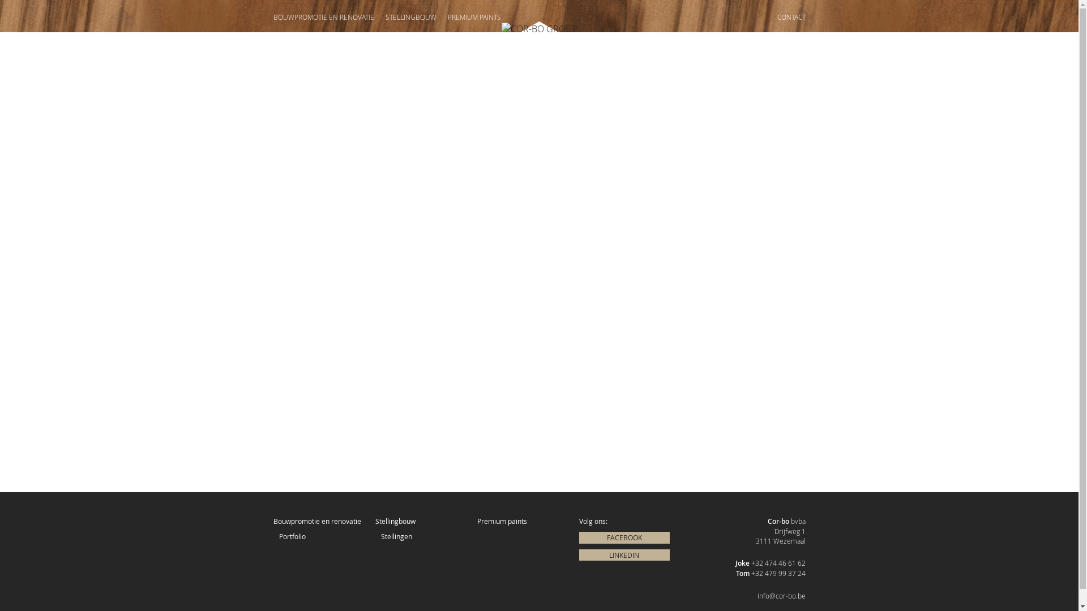 The height and width of the screenshot is (611, 1087). Describe the element at coordinates (781, 595) in the screenshot. I see `'info@cor-bo.be'` at that location.